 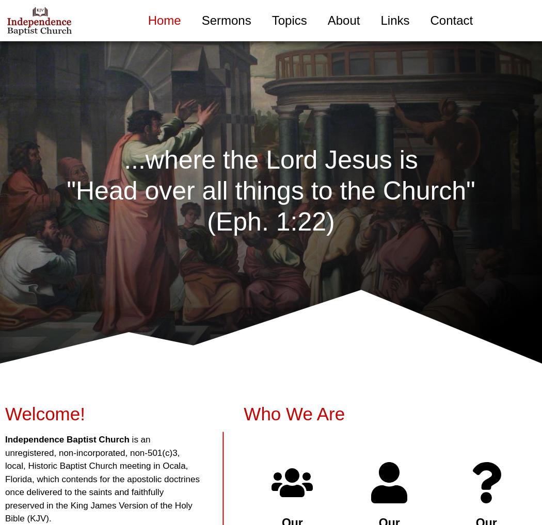 What do you see at coordinates (45, 414) in the screenshot?
I see `'Welcome!'` at bounding box center [45, 414].